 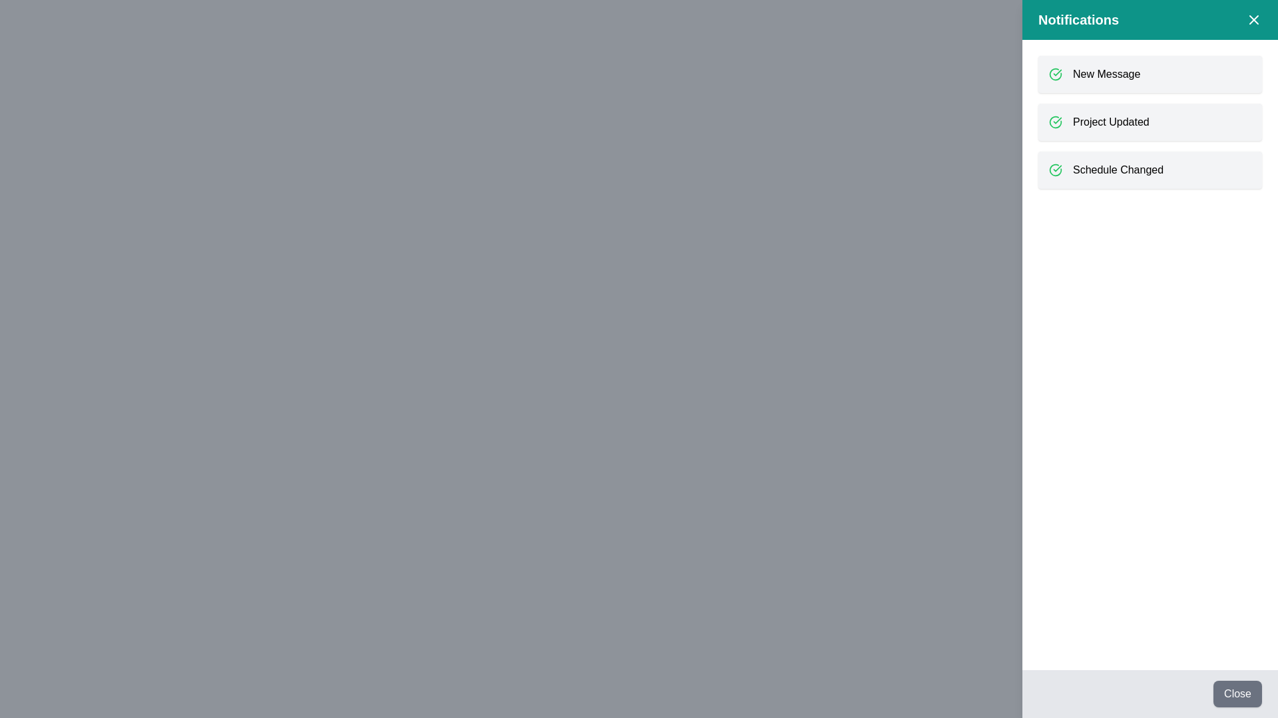 What do you see at coordinates (1054, 169) in the screenshot?
I see `the green checkmark icon enclosed in a circular outline, which is located to the left of the text 'Schedule Changed'` at bounding box center [1054, 169].